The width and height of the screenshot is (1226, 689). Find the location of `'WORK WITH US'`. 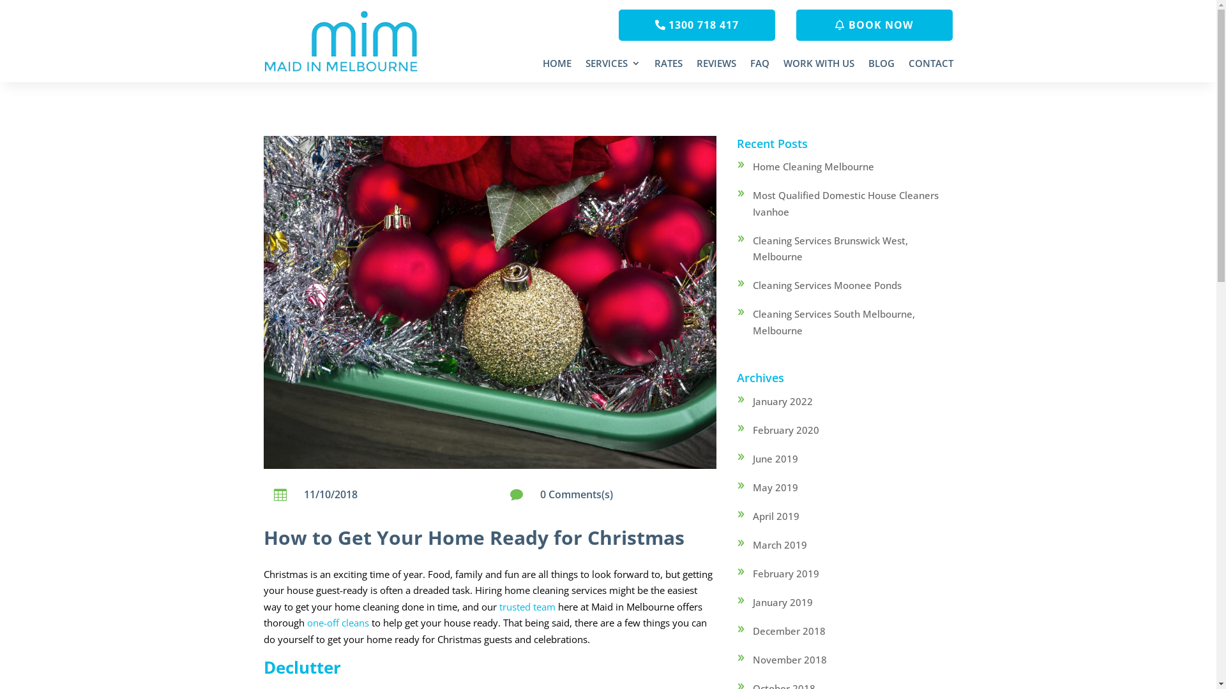

'WORK WITH US' is located at coordinates (818, 66).